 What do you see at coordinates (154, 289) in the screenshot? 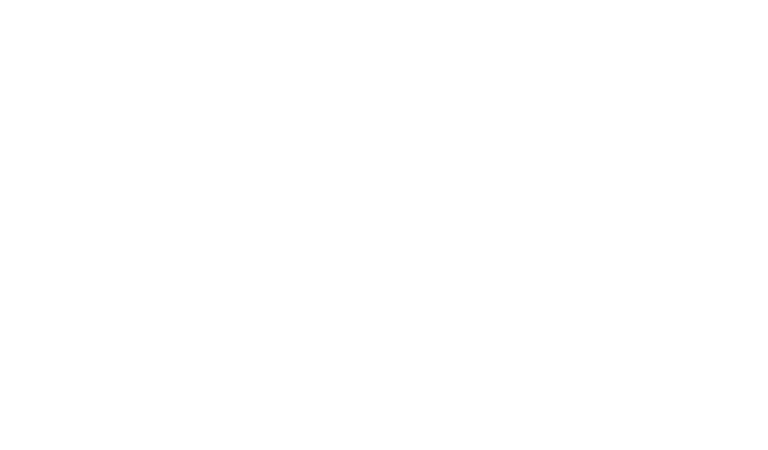
I see `'welder help'` at bounding box center [154, 289].